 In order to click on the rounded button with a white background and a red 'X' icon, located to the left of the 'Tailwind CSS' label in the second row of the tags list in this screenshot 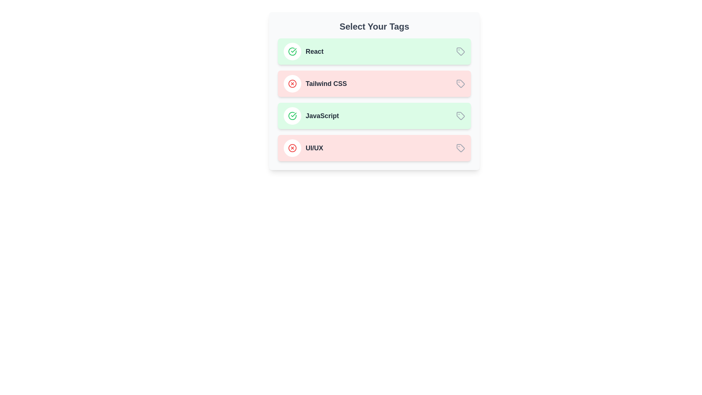, I will do `click(292, 83)`.